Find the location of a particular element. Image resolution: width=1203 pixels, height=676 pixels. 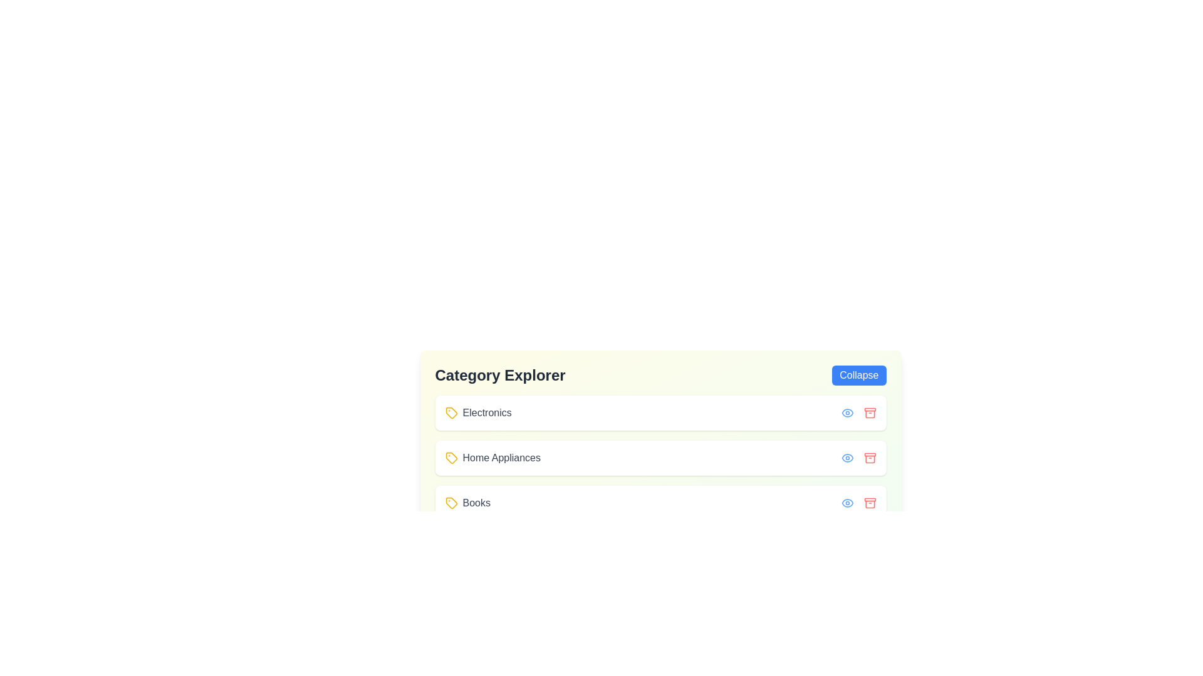

the first yellow tag icon located to the left of the text label 'Electronics' in the 'Category Explorer' list is located at coordinates (451, 412).